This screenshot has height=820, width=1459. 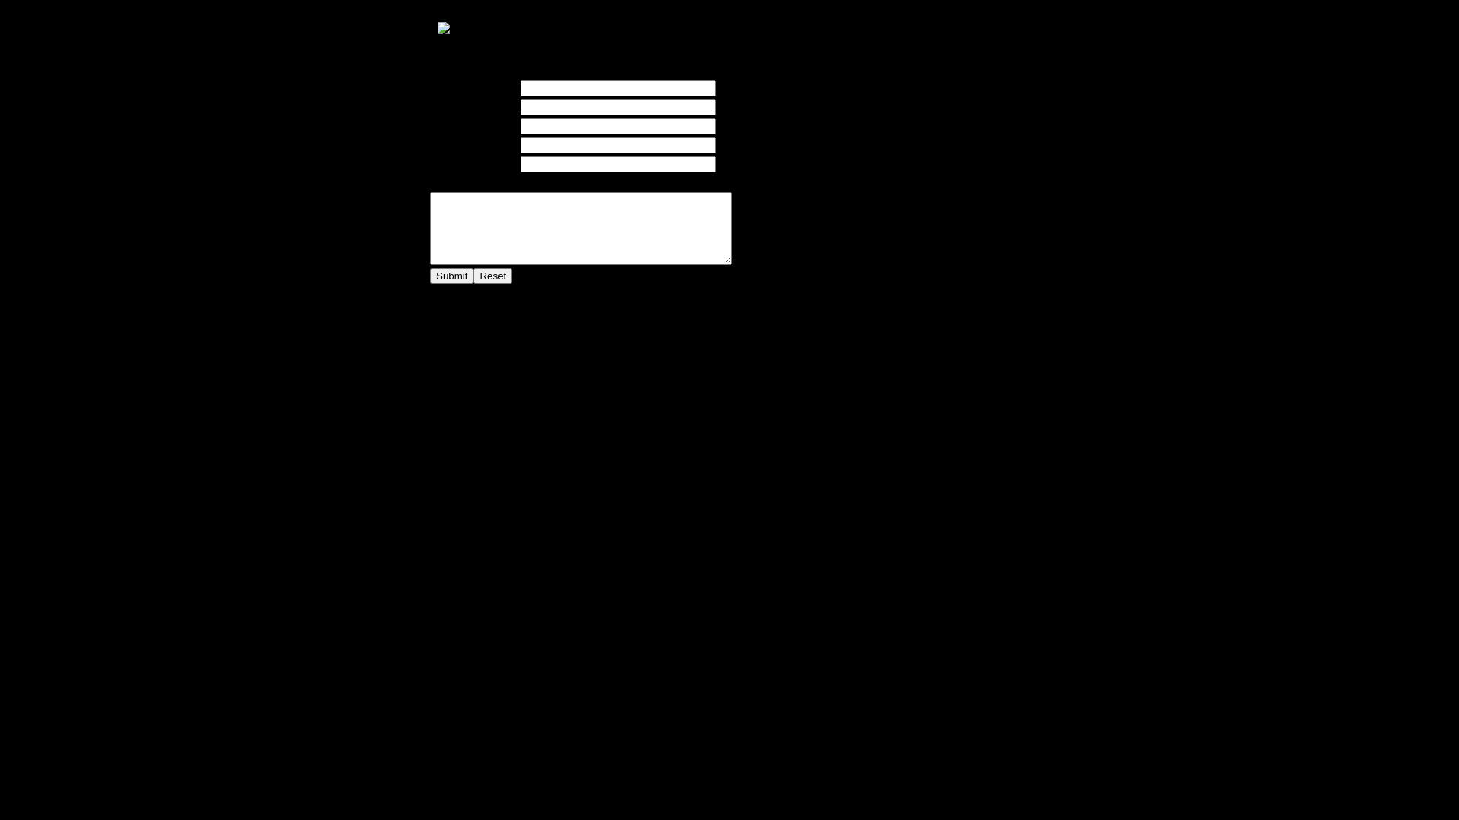 What do you see at coordinates (451, 276) in the screenshot?
I see `'Submit'` at bounding box center [451, 276].